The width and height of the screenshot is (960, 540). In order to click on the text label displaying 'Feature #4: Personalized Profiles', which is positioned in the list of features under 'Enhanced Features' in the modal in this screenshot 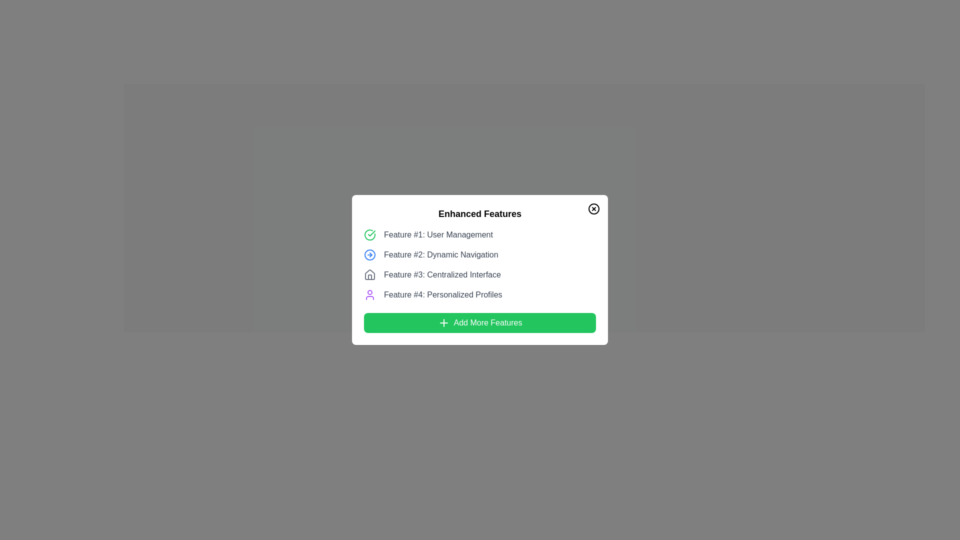, I will do `click(442, 294)`.